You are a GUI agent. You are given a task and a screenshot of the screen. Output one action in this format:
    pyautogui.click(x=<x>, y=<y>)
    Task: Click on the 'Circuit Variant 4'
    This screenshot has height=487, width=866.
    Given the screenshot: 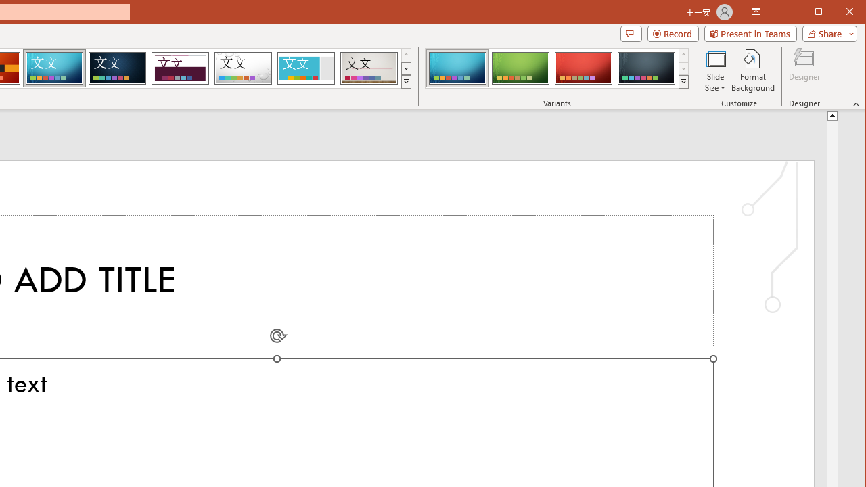 What is the action you would take?
    pyautogui.click(x=645, y=68)
    